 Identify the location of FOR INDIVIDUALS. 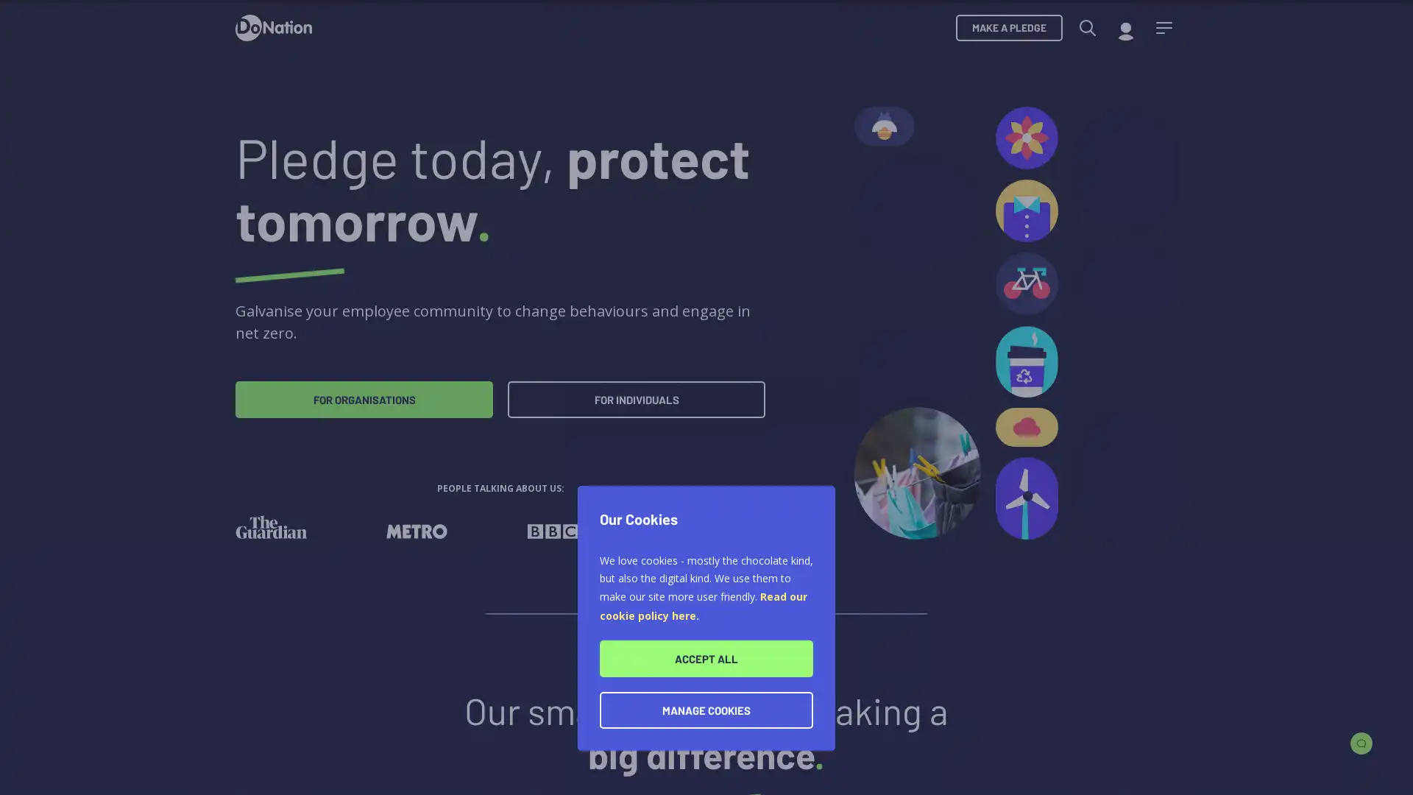
(636, 400).